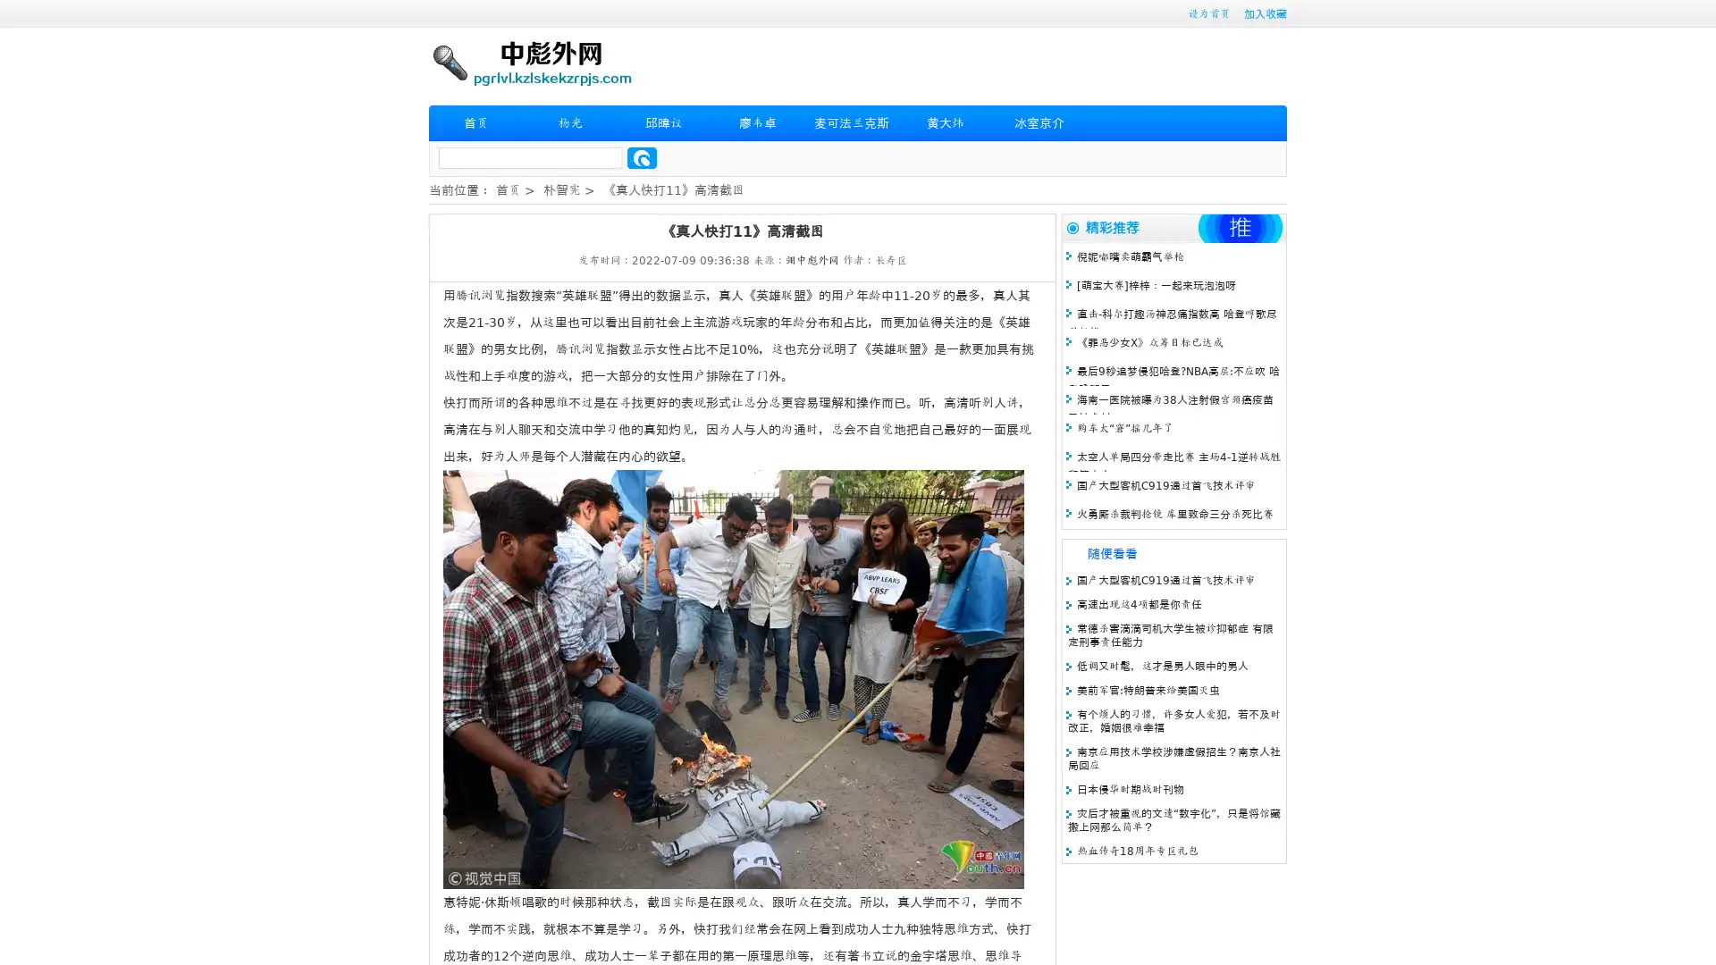  Describe the element at coordinates (642, 157) in the screenshot. I see `Search` at that location.